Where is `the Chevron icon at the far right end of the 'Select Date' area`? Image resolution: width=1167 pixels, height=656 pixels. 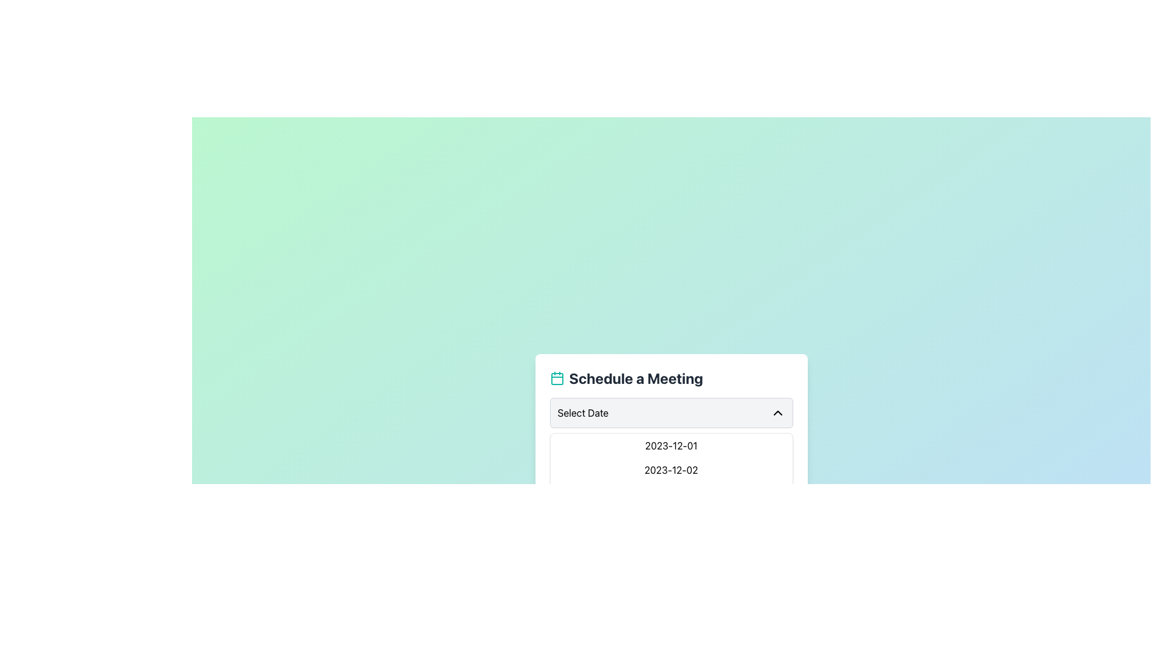 the Chevron icon at the far right end of the 'Select Date' area is located at coordinates (777, 412).